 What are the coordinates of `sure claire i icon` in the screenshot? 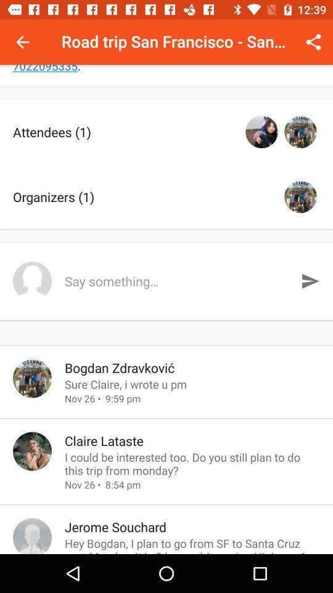 It's located at (192, 384).